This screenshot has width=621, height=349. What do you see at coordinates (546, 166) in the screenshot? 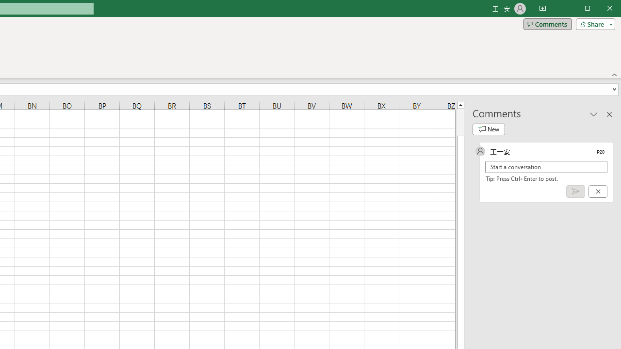
I see `'Start a conversation'` at bounding box center [546, 166].